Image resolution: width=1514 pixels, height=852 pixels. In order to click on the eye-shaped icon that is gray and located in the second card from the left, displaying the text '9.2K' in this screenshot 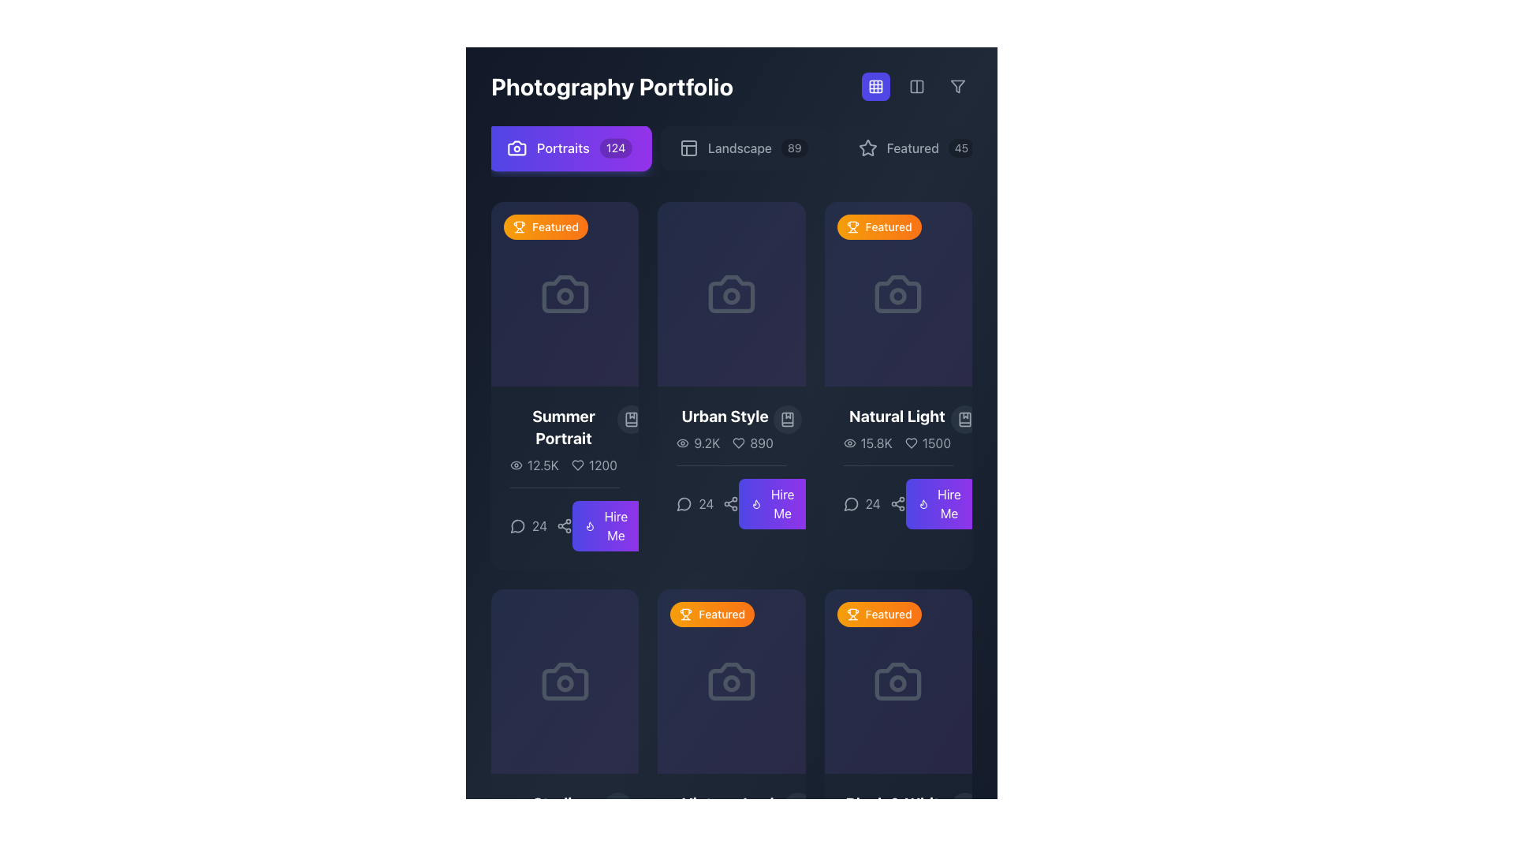, I will do `click(683, 443)`.